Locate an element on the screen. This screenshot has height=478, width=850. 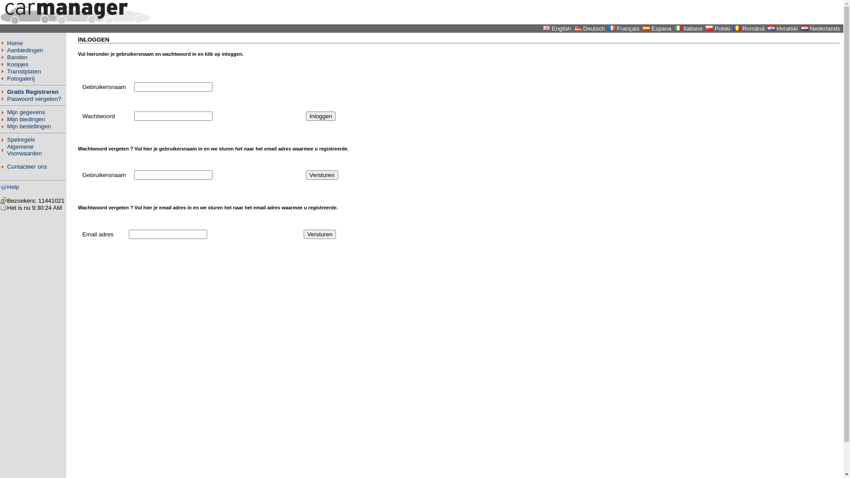
'Help' is located at coordinates (13, 186).